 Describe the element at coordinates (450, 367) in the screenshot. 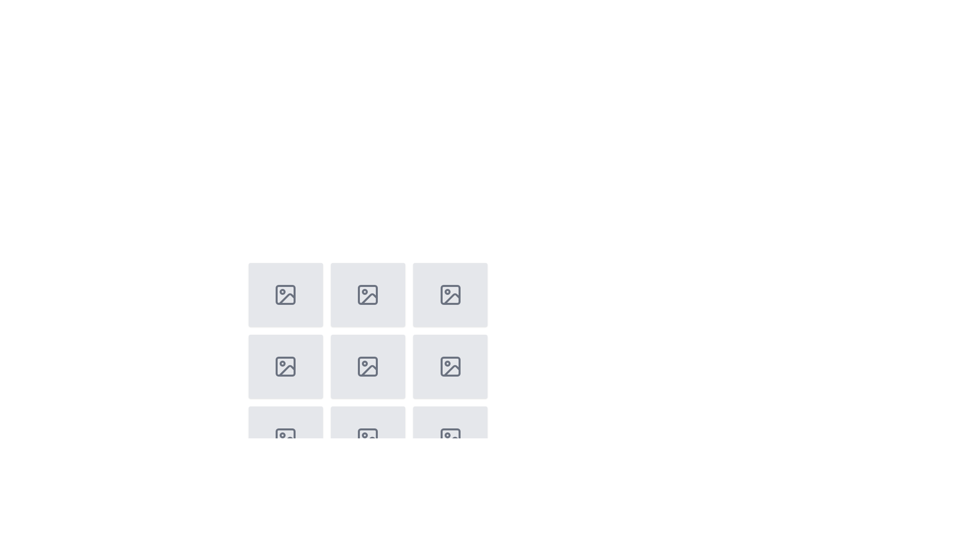

I see `the icon located at the bottom-right position of a 3x3 grid, which serves as a placeholder for an image or graphical content` at that location.